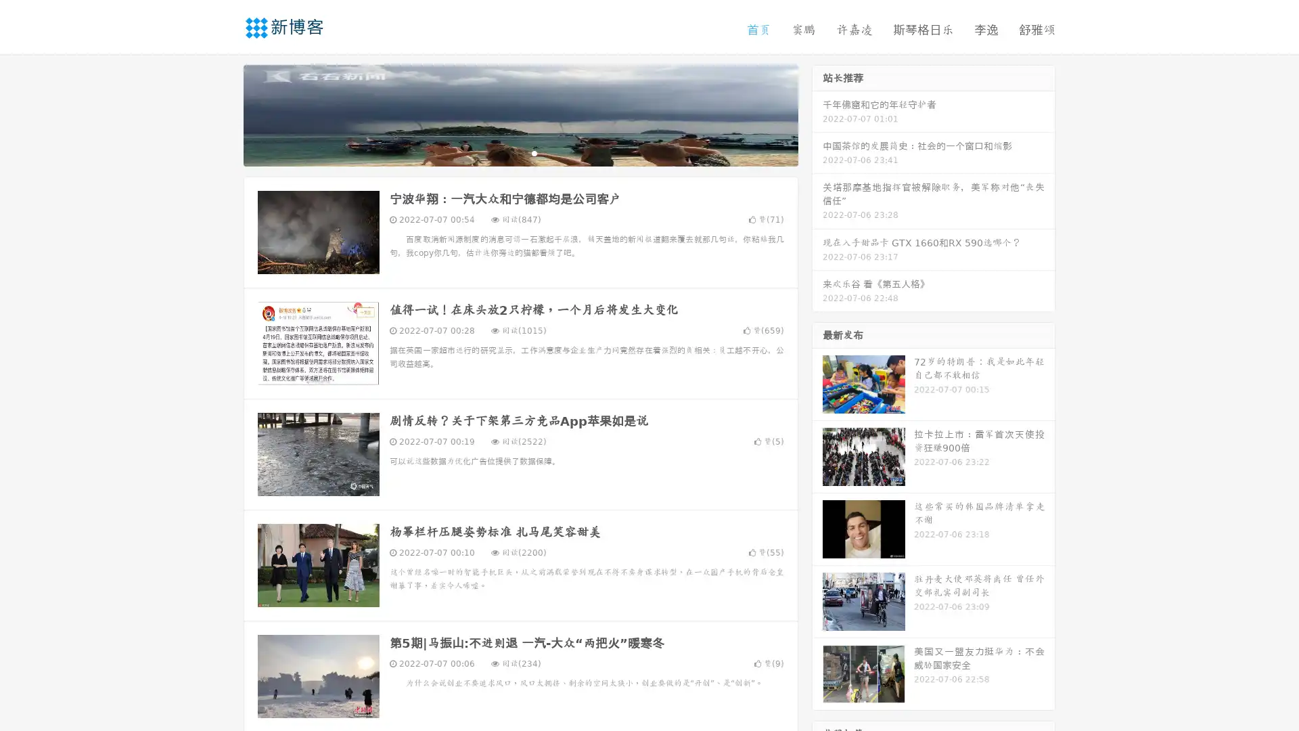 This screenshot has height=731, width=1299. I want to click on Go to slide 2, so click(520, 152).